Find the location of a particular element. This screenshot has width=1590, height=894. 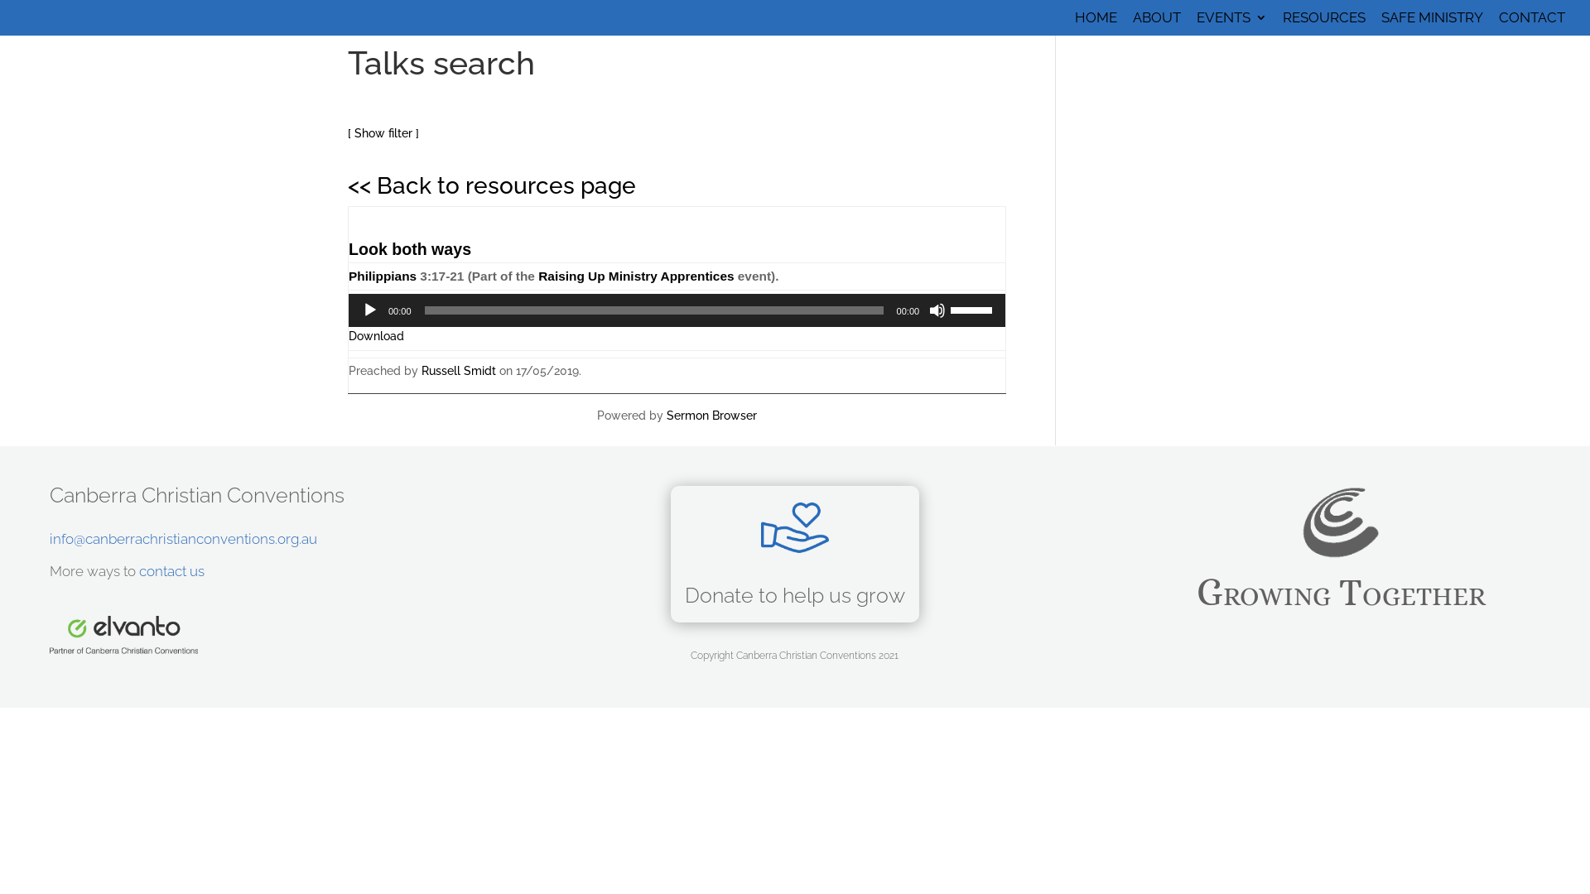

'<< Back to resources page' is located at coordinates (347, 185).